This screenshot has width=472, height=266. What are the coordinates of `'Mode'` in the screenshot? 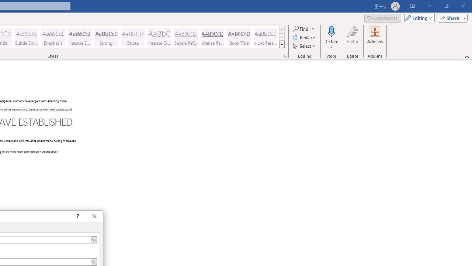 It's located at (418, 17).